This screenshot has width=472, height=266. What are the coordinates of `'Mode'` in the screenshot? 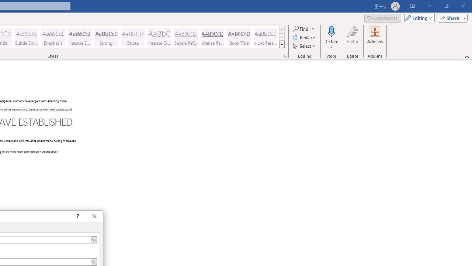 It's located at (418, 17).